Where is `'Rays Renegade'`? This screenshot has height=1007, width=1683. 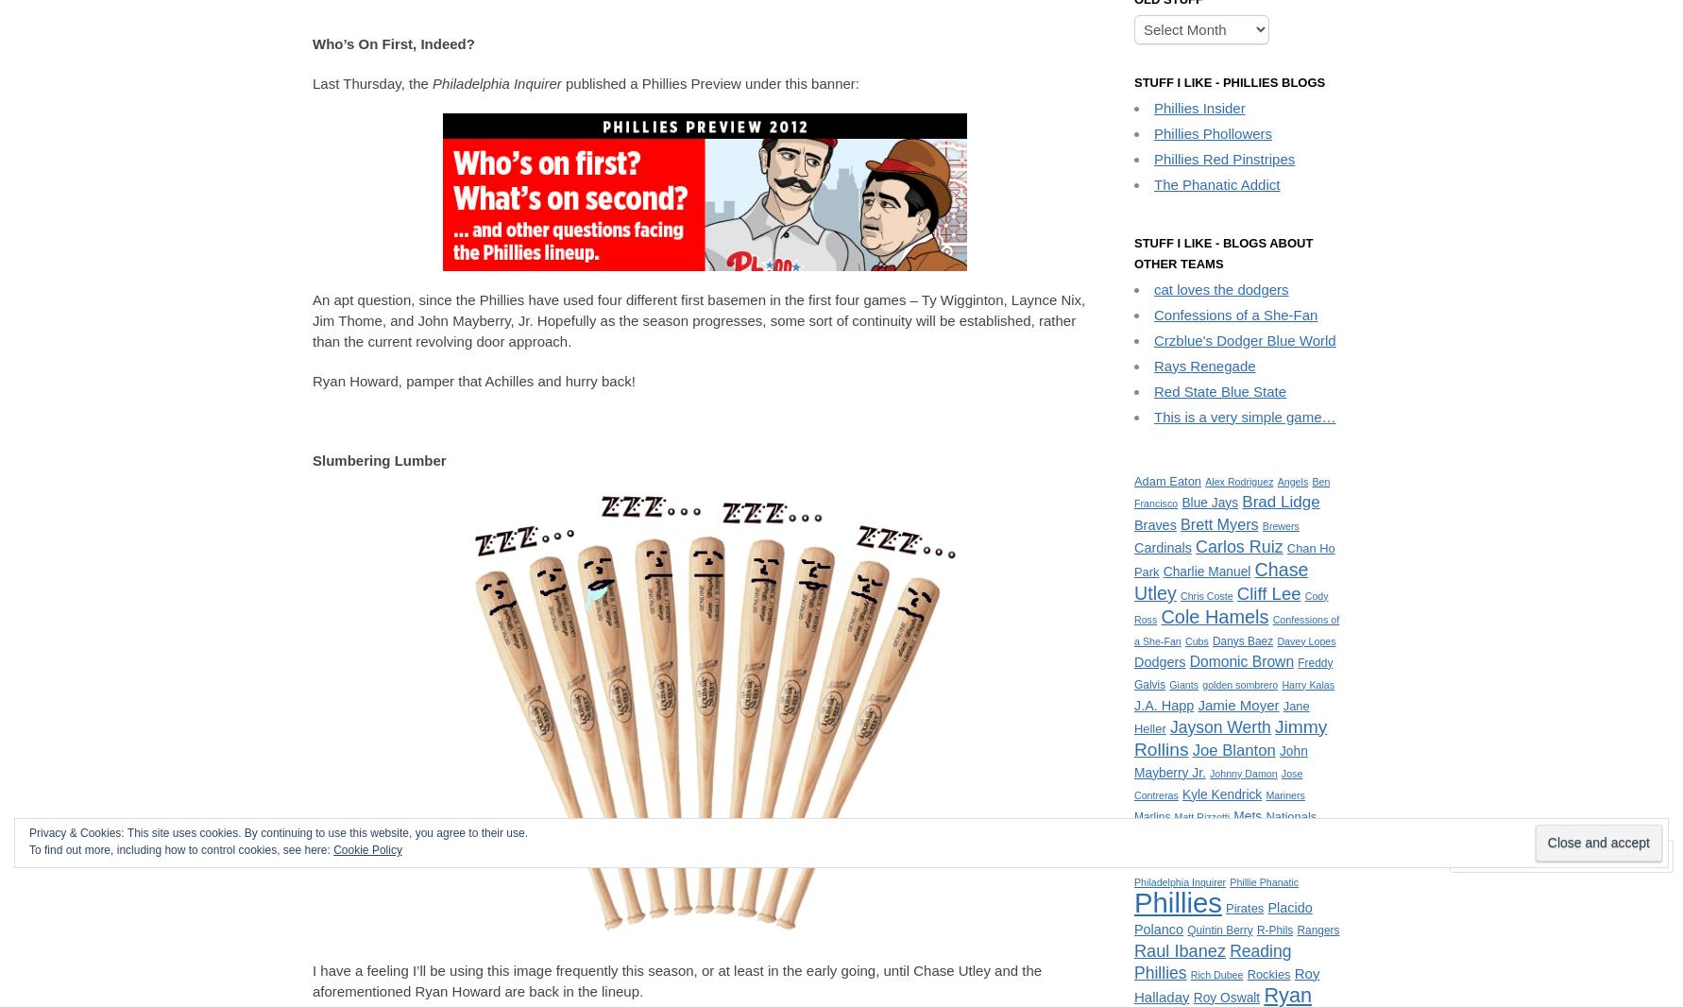
'Rays Renegade' is located at coordinates (1204, 365).